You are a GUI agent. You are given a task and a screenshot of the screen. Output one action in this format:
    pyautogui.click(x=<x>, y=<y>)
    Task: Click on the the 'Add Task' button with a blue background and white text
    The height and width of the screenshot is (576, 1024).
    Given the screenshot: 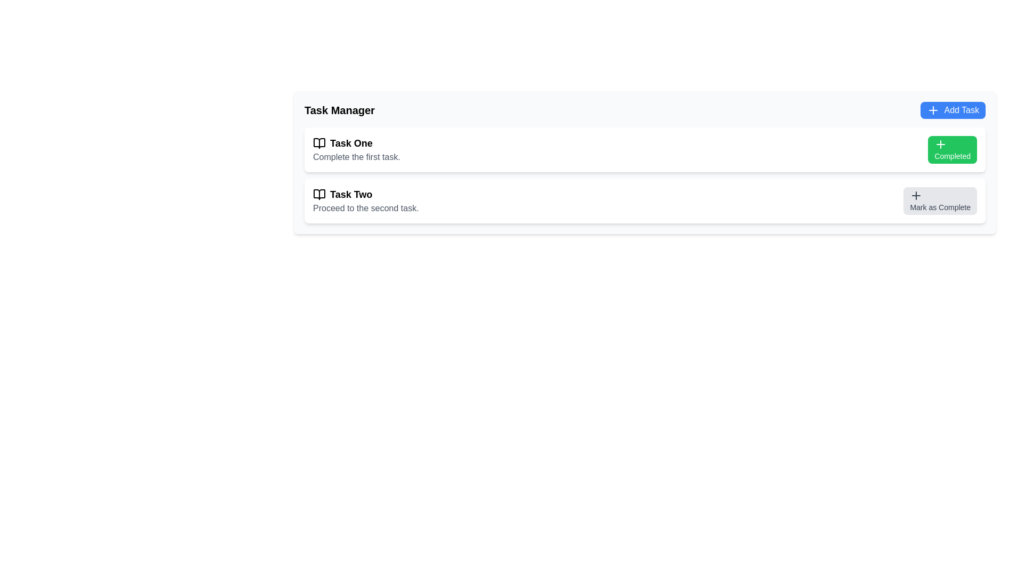 What is the action you would take?
    pyautogui.click(x=953, y=110)
    